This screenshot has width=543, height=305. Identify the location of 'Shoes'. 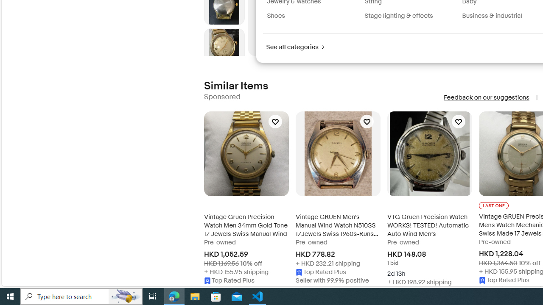
(276, 16).